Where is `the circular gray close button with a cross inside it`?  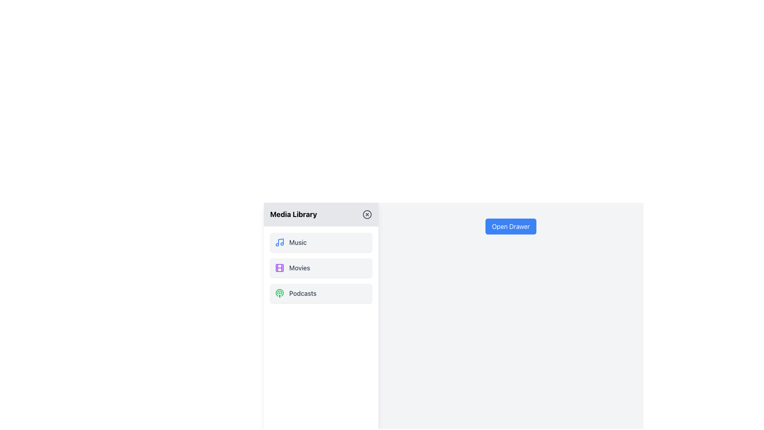 the circular gray close button with a cross inside it is located at coordinates (366, 214).